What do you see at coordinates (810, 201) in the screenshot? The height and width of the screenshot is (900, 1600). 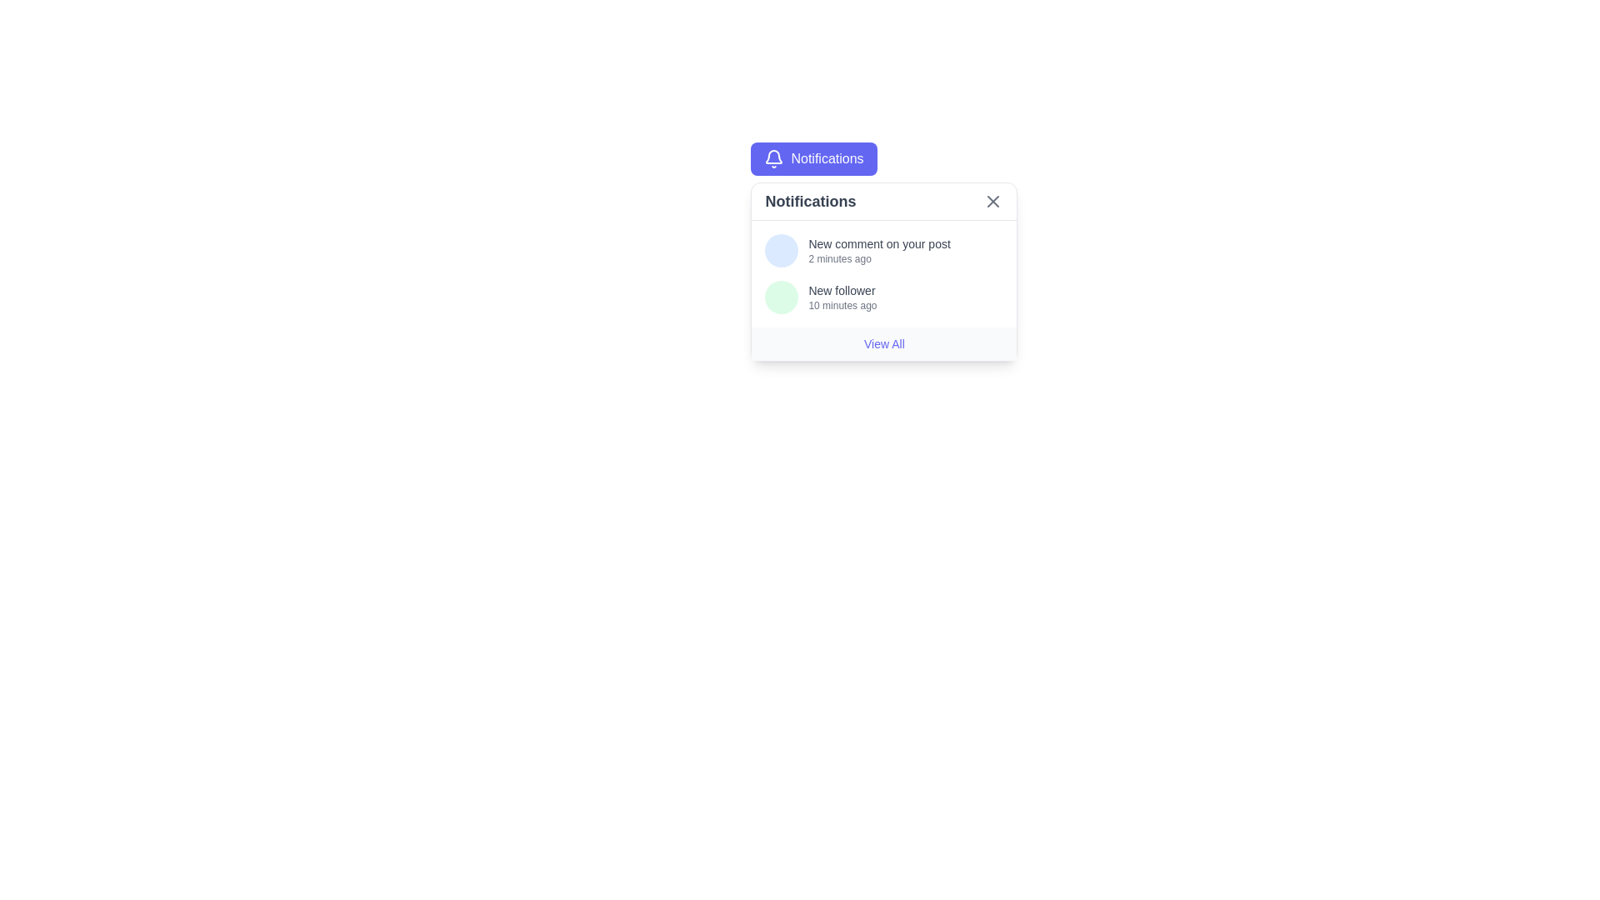 I see `the 'Notifications' text label, which is styled in a larger, bold font and positioned at the top-left section of the notification dropdown panel` at bounding box center [810, 201].